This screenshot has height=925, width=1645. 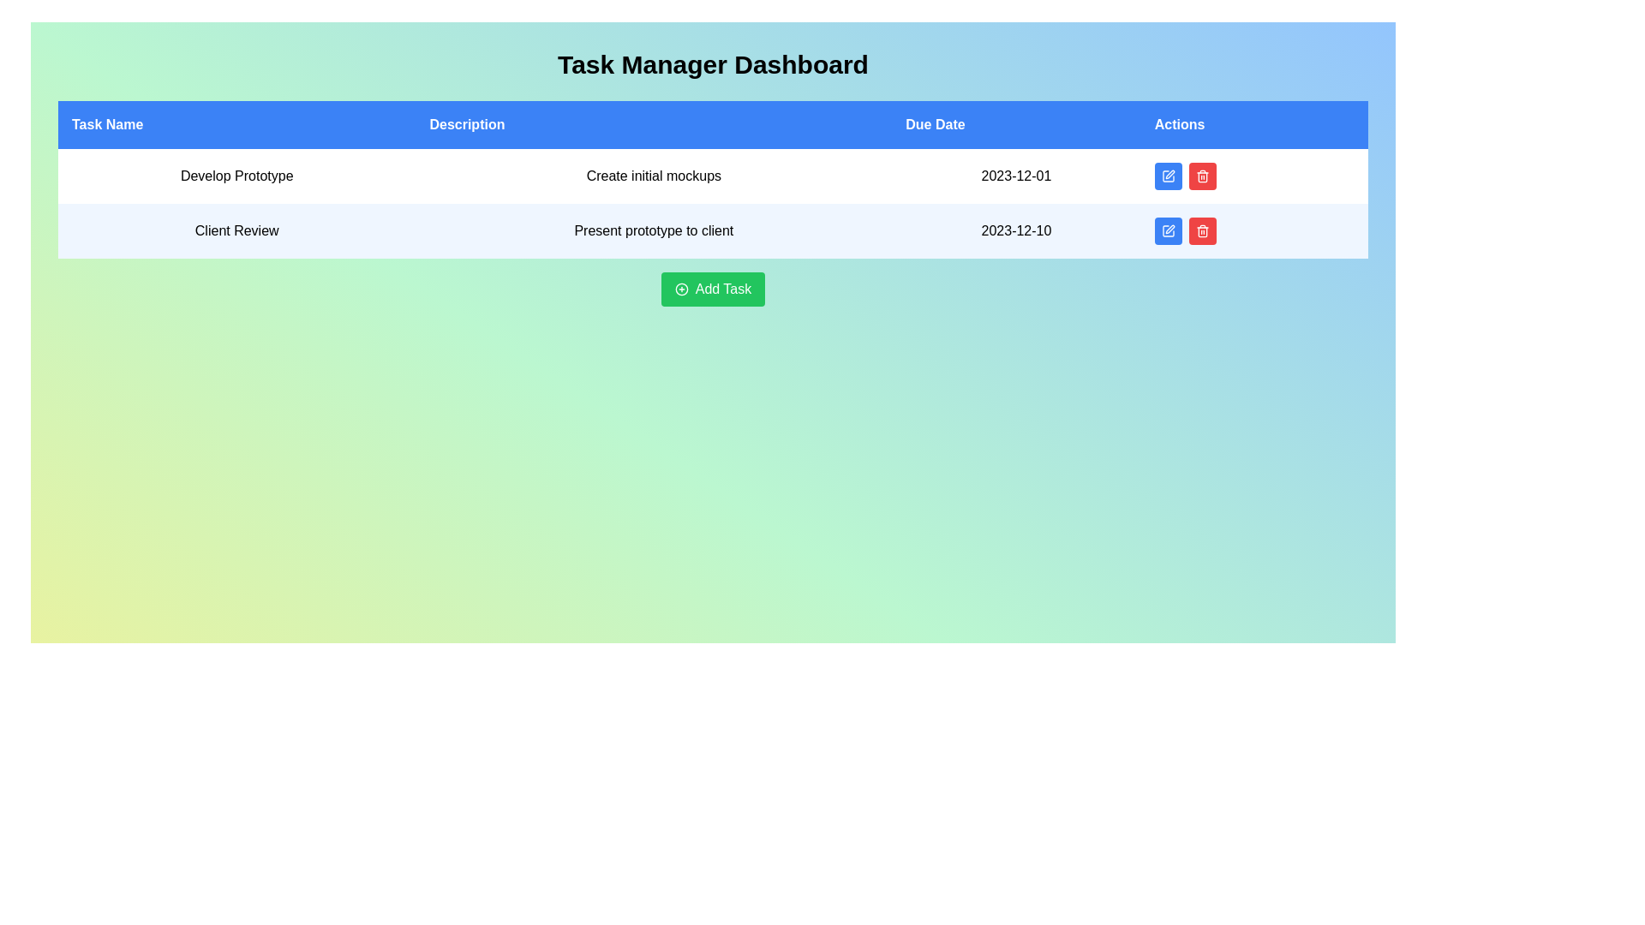 What do you see at coordinates (1201, 231) in the screenshot?
I see `the delete button located to the right of the 'Actions' column in the second row of the task table to apply hover effects` at bounding box center [1201, 231].